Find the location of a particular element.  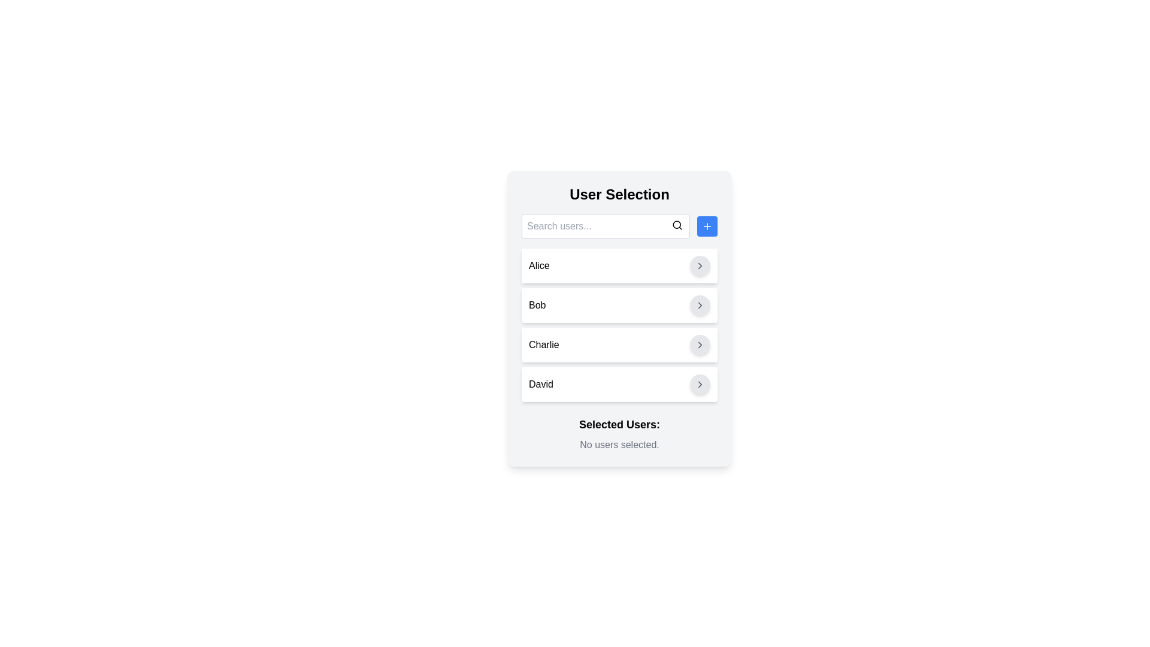

the chevron icon next to 'David' in the user selection list is located at coordinates (700, 384).